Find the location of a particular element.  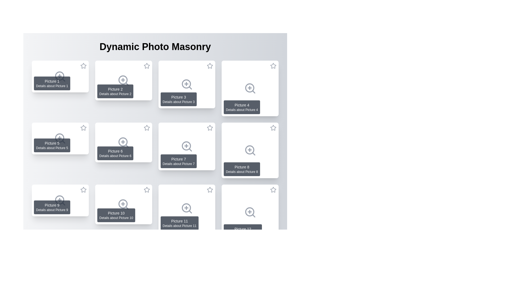

the center of the circular dot within the magnifier icon that indicates zoom-in functionality for the card labeled 'Picture 5' is located at coordinates (60, 138).